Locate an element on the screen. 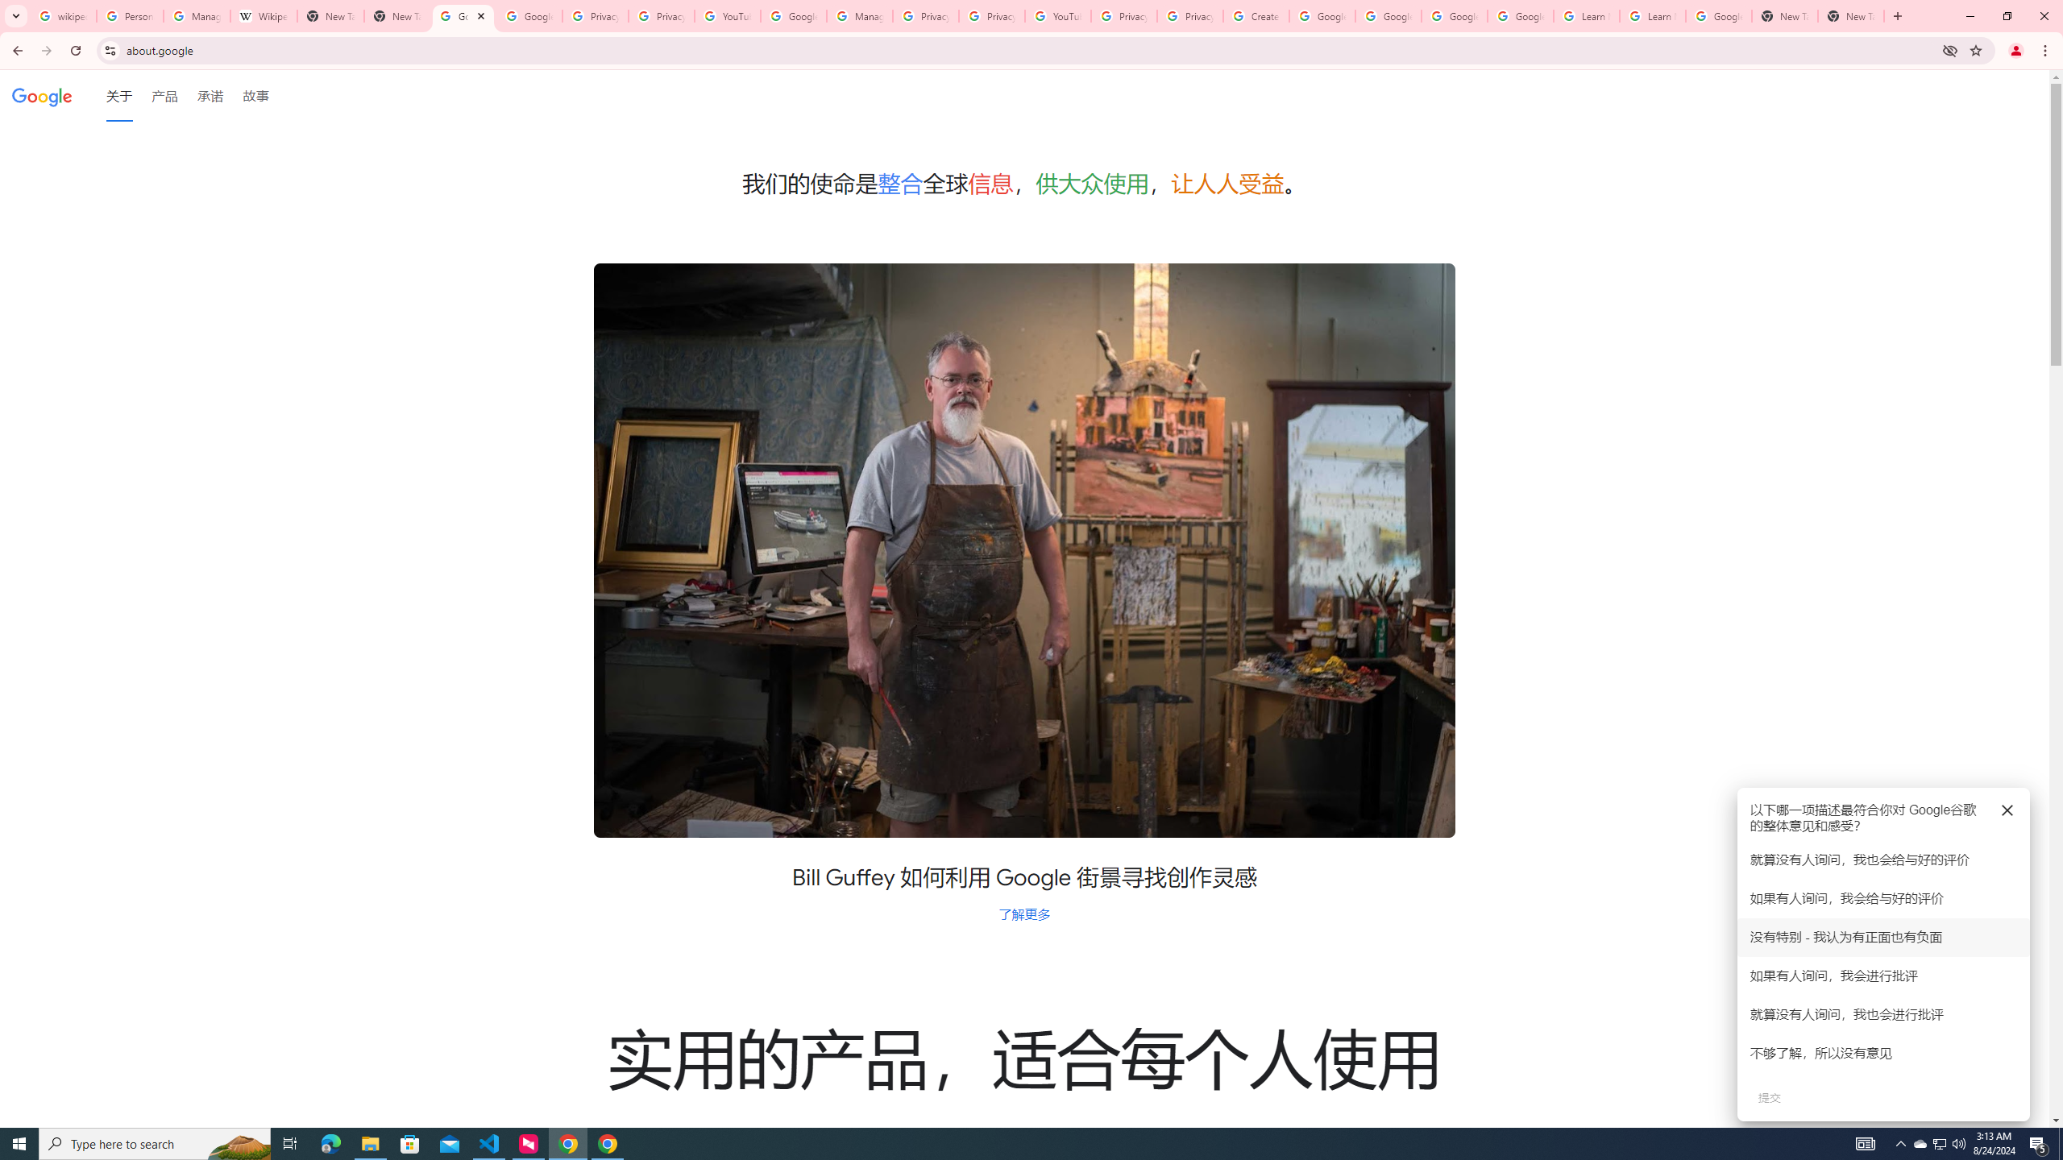 The width and height of the screenshot is (2063, 1160). 'Google Account Help' is located at coordinates (1521, 15).